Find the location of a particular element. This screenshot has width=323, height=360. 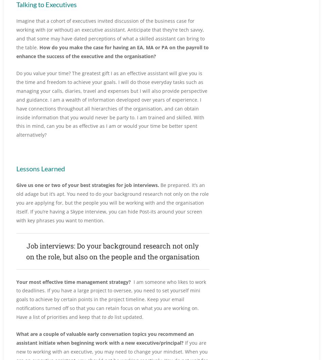

'Job interviews: Do your background research not only on the role, but also on the people and the organisation' is located at coordinates (112, 251).